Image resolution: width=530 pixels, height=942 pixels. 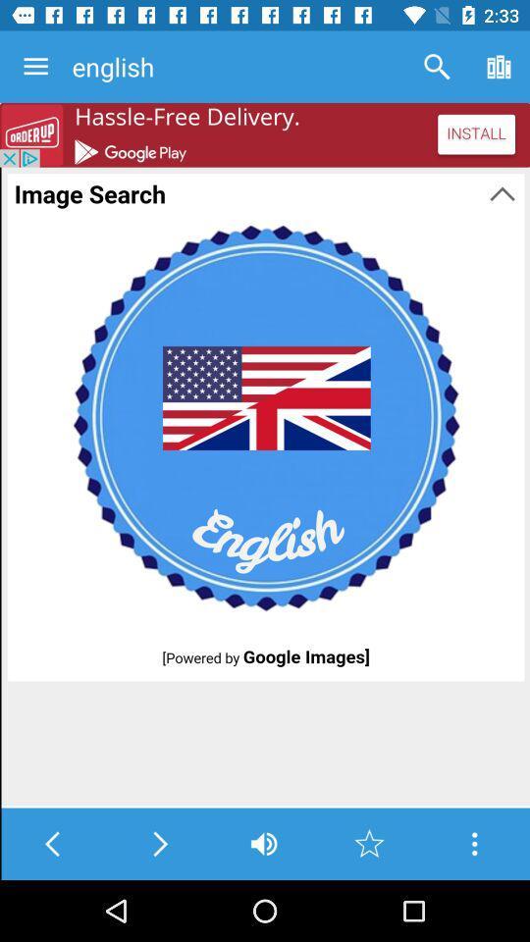 I want to click on sound, so click(x=264, y=843).